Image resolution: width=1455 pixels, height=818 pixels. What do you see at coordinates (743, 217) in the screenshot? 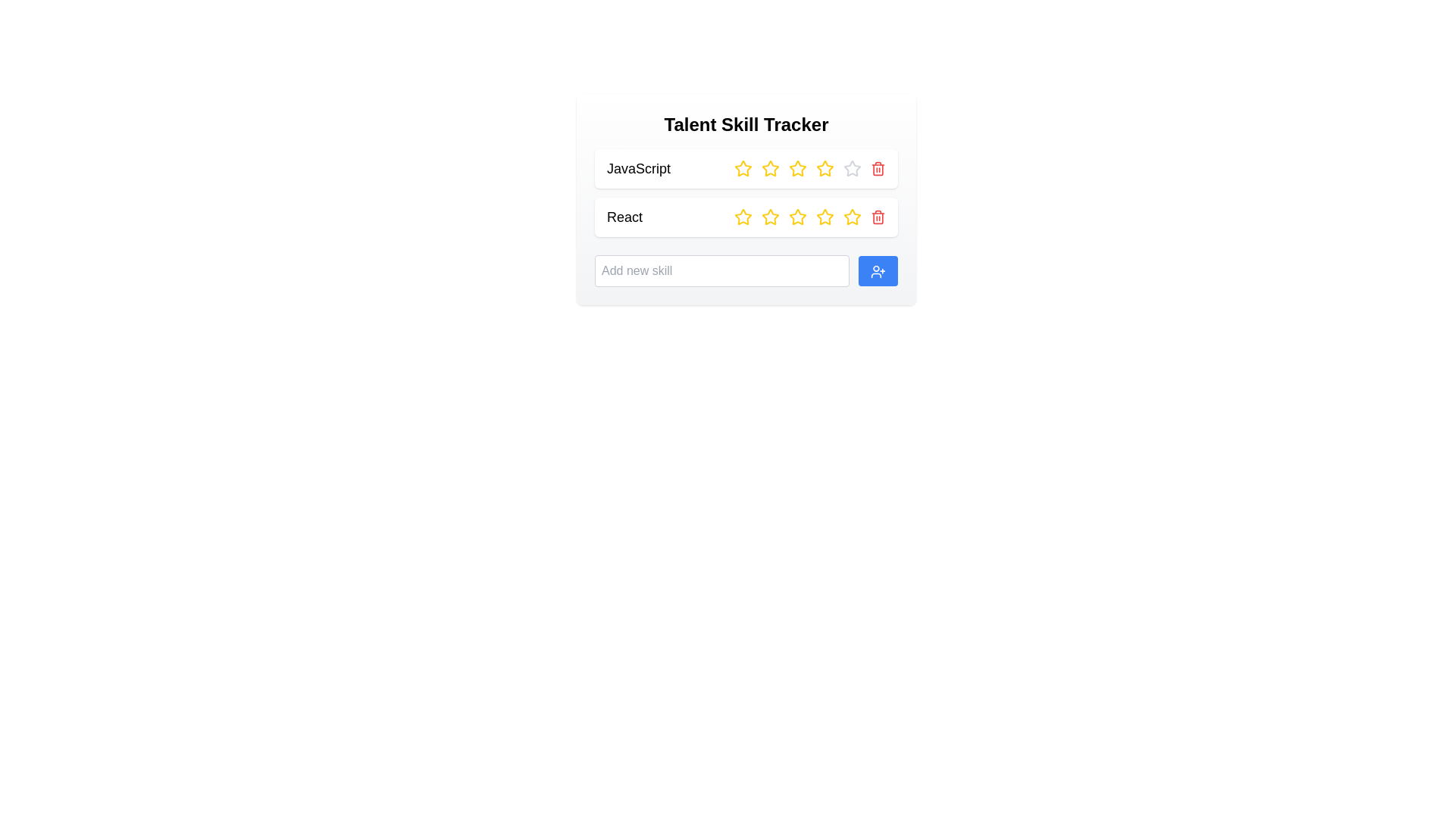
I see `the yellow star icon, the second item in the series of rating stars under the 'React' label in the 'Talent Skill Tracker' section, to rate or select it` at bounding box center [743, 217].